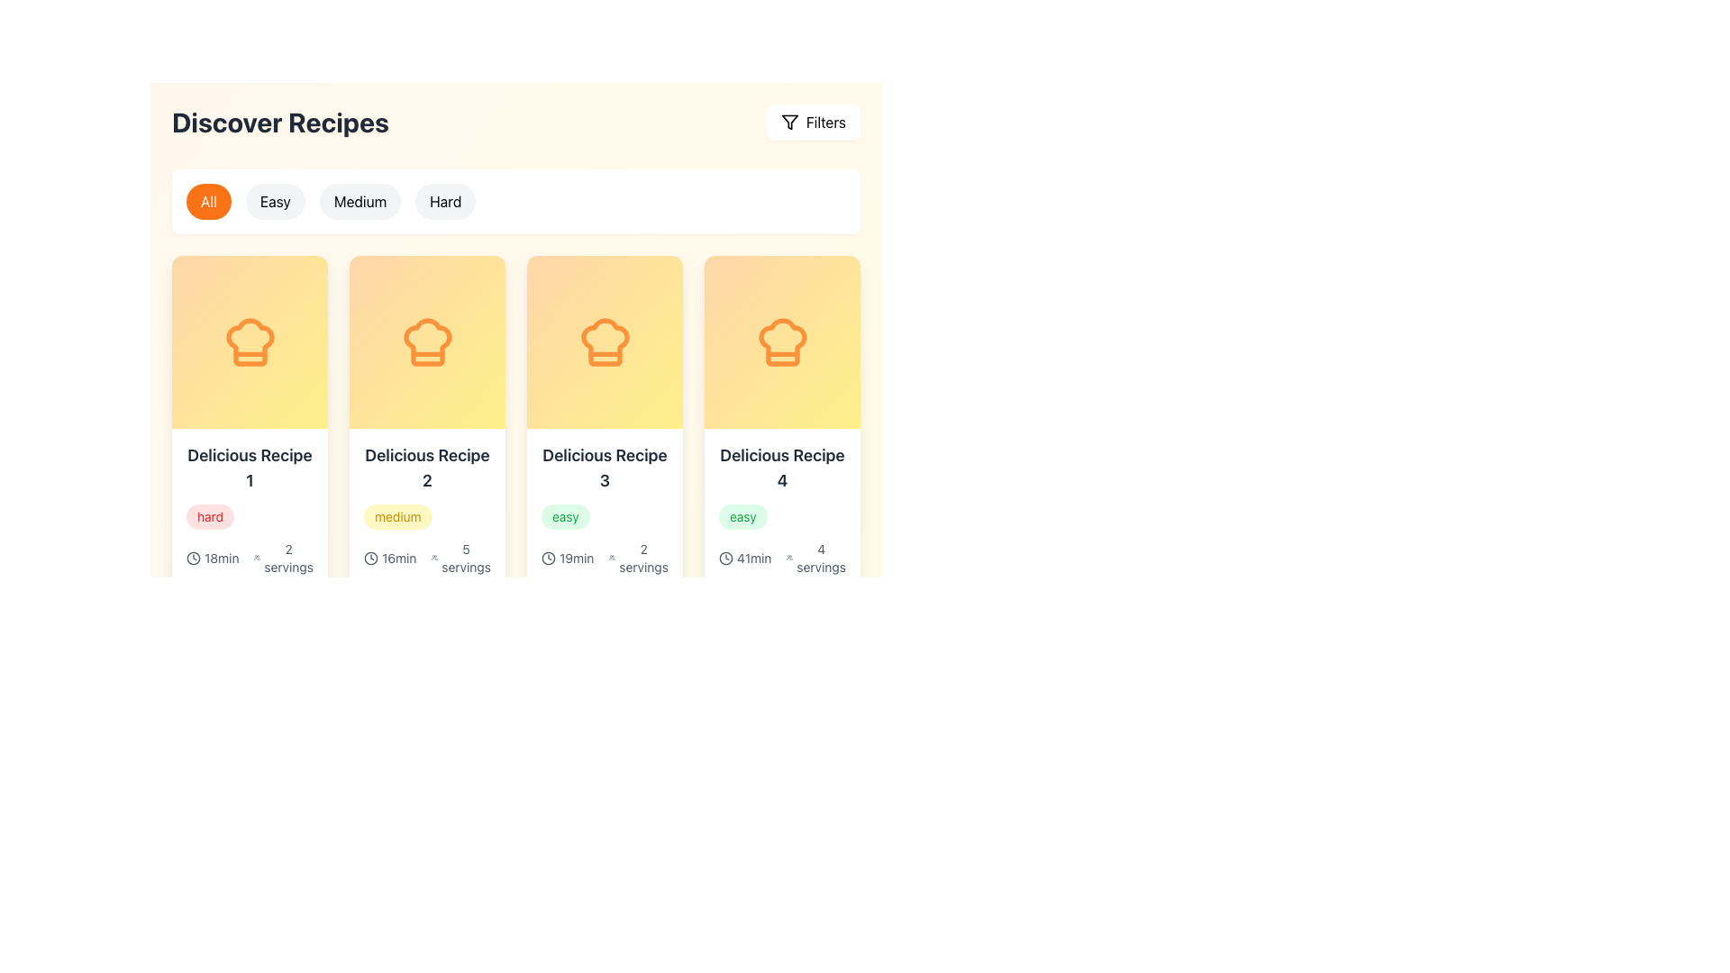 The height and width of the screenshot is (973, 1730). I want to click on the orange chef hat icon located in the 'Delicious Recipe 3' card, which is the third card from the left in a list of recipe cards, so click(605, 342).